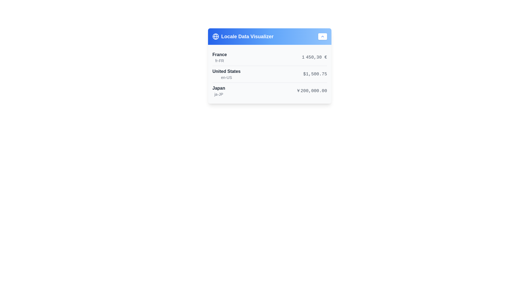 This screenshot has height=297, width=529. Describe the element at coordinates (270, 74) in the screenshot. I see `the second item in the vertically stacked list of country-locale data pairs that displays locale-specific data for the 'United States'` at that location.